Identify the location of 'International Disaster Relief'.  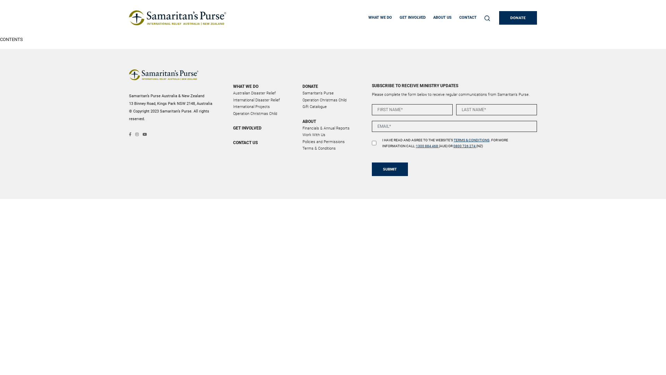
(256, 100).